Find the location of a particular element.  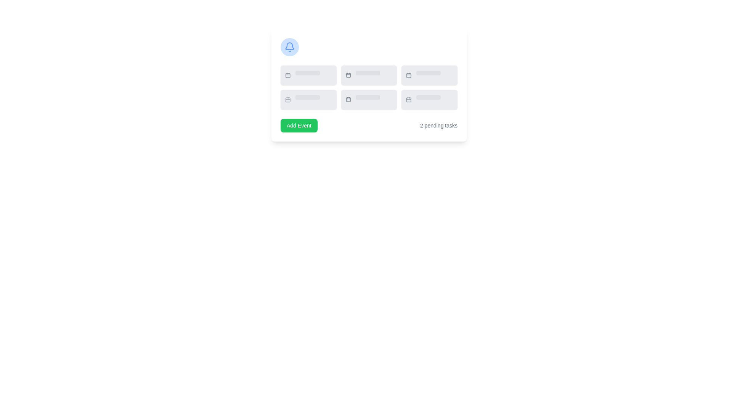

the rectangular decorative shape within the calendar icon, which is located in the second column and first row of the grid layout is located at coordinates (348, 75).